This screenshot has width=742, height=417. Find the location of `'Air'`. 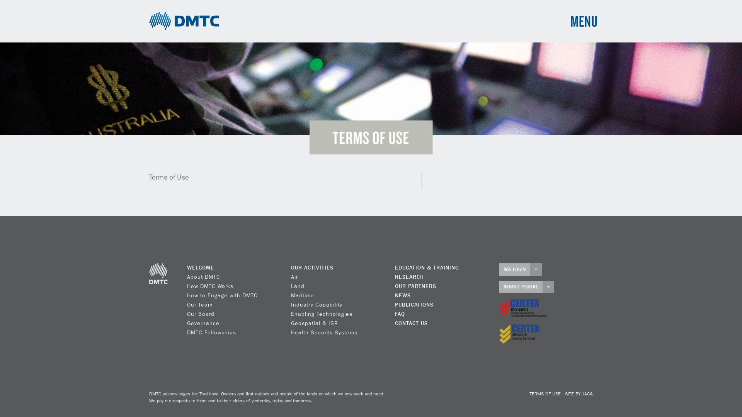

'Air' is located at coordinates (294, 276).